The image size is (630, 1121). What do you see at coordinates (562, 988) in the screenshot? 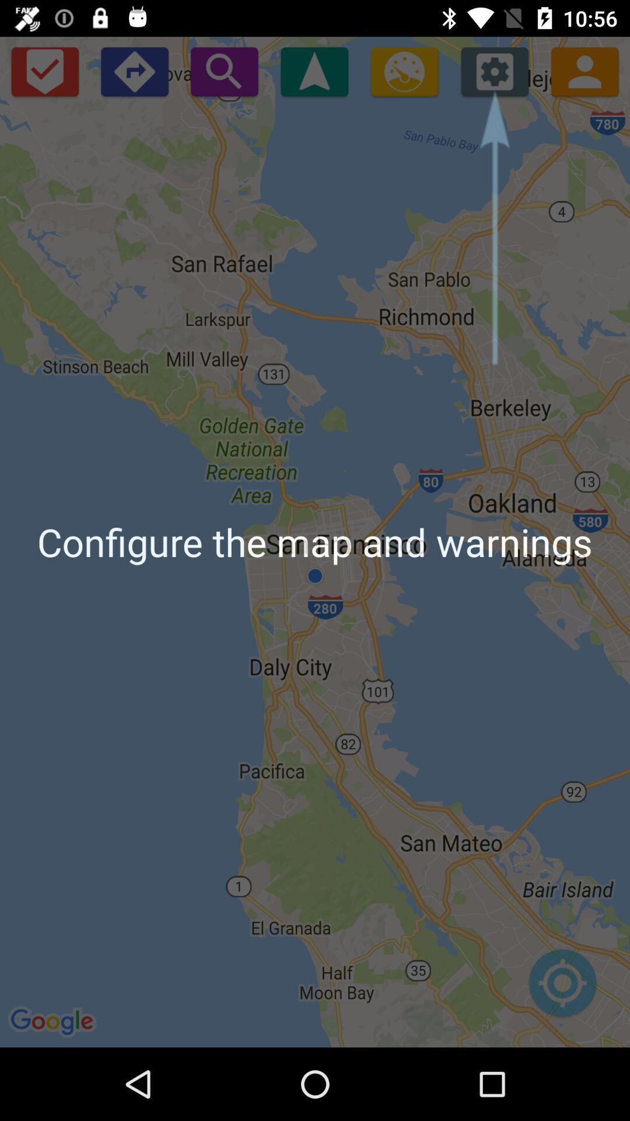
I see `the item below the configure the map app` at bounding box center [562, 988].